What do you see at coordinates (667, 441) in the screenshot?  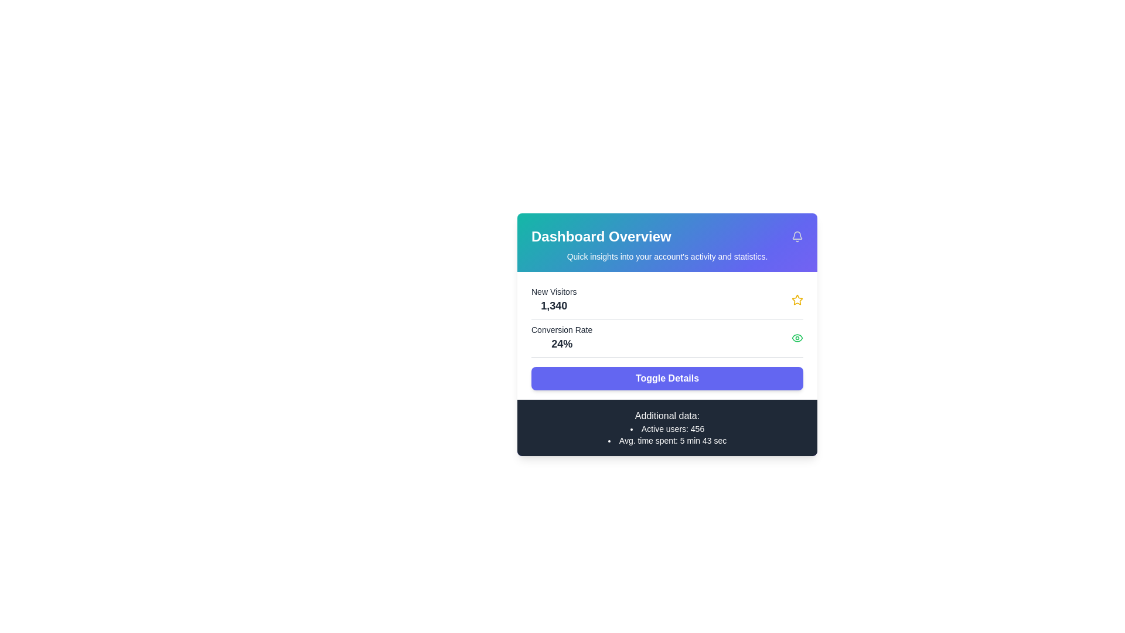 I see `the text label displaying the average time users have spent, located below the 'Active users: 456' item` at bounding box center [667, 441].